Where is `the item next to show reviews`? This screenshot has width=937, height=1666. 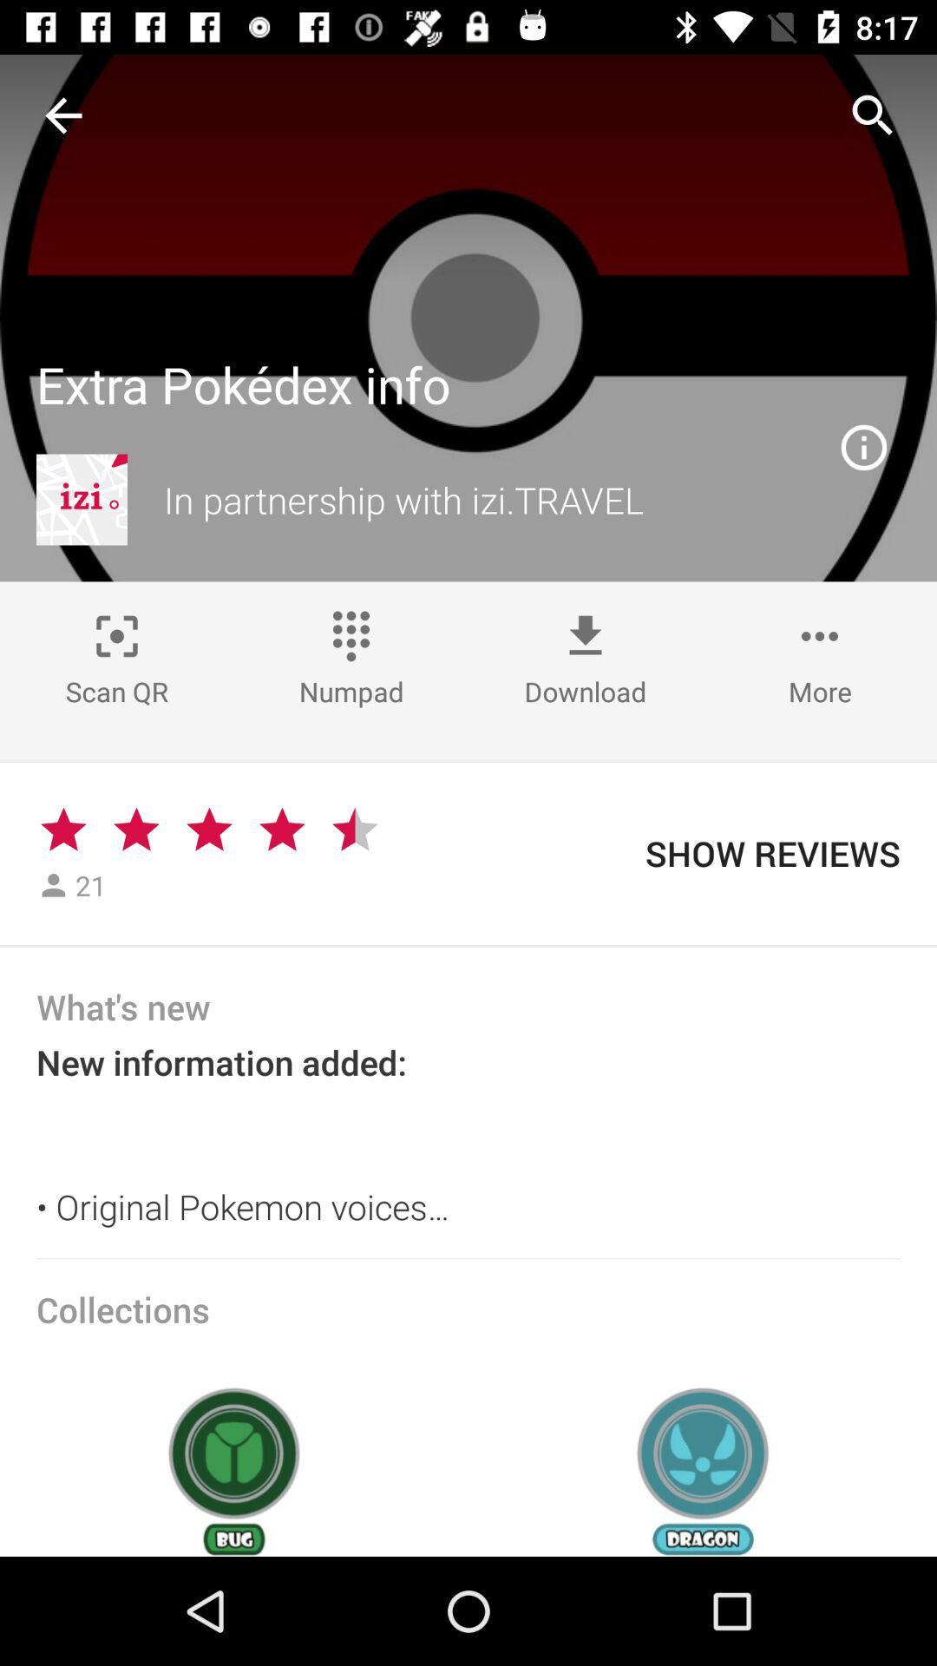 the item next to show reviews is located at coordinates (354, 829).